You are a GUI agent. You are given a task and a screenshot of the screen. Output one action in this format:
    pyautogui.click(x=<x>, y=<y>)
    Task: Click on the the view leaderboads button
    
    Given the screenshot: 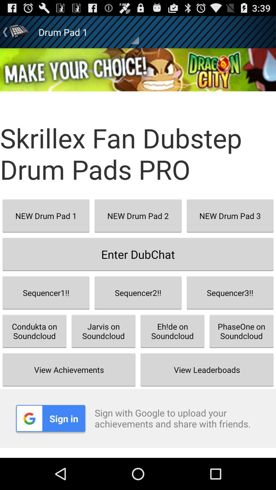 What is the action you would take?
    pyautogui.click(x=207, y=370)
    